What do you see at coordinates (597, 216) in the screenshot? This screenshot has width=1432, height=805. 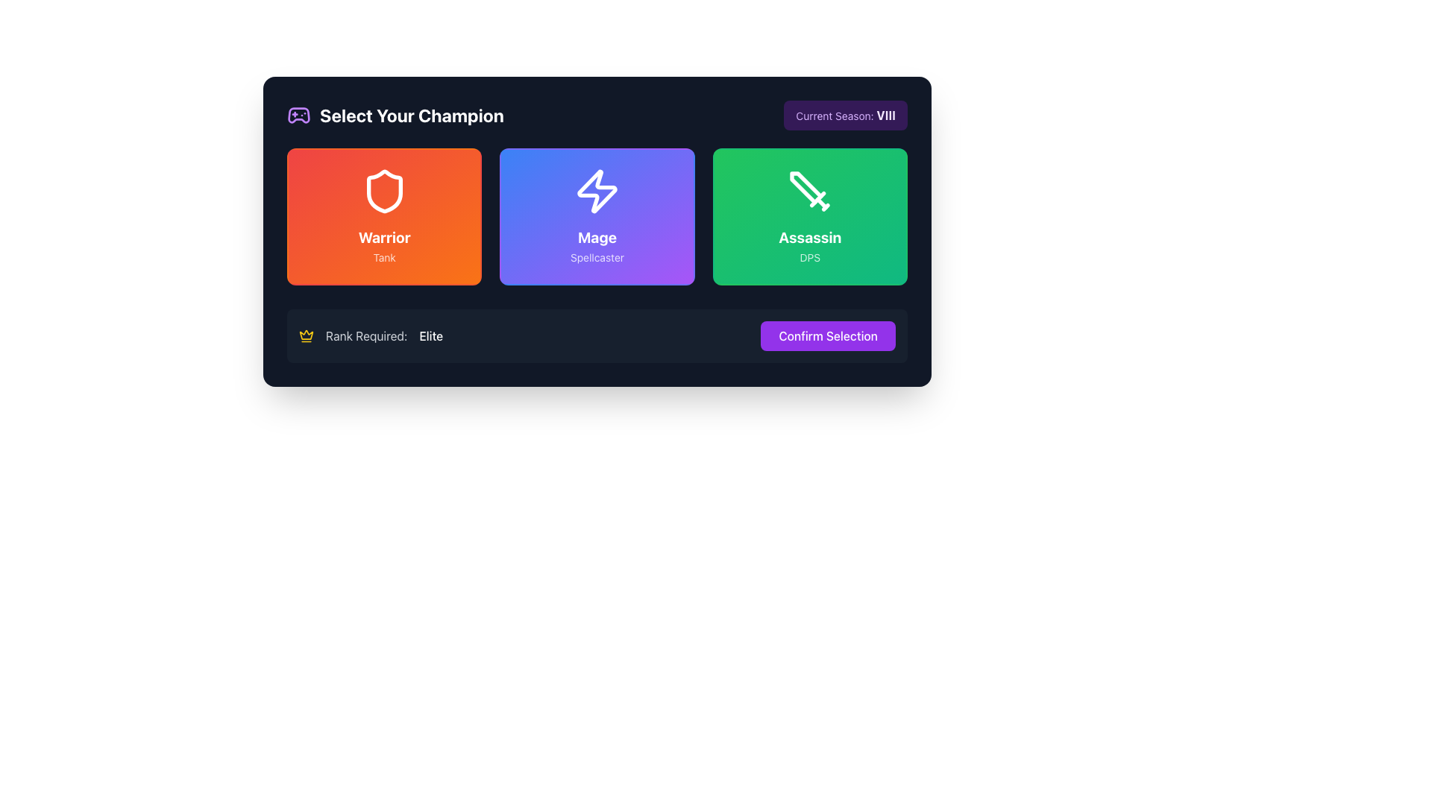 I see `the 'Mage Spellcaster' class card in the character selection interface for detailed information` at bounding box center [597, 216].